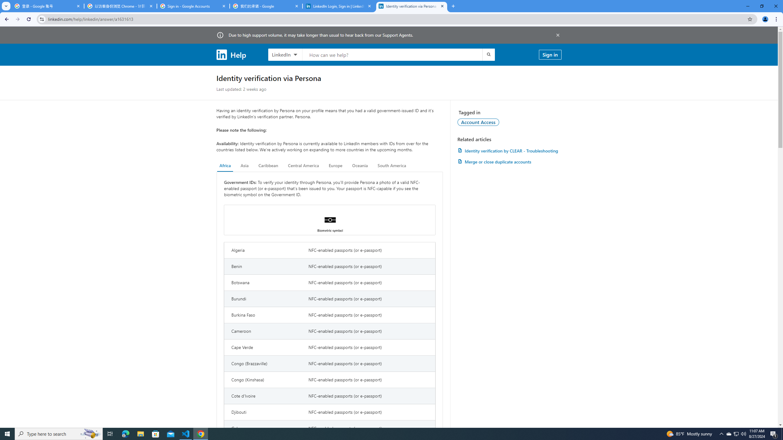 The image size is (783, 440). I want to click on 'Account Access', so click(478, 122).